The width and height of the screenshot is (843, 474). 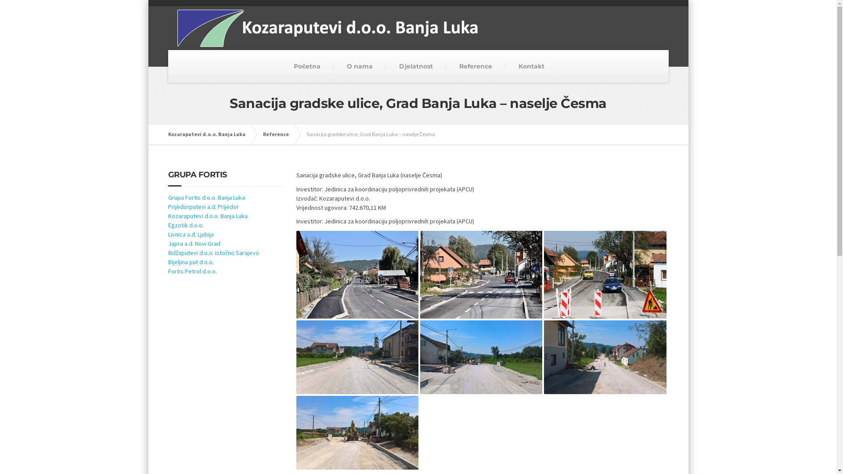 What do you see at coordinates (360, 66) in the screenshot?
I see `'O nama'` at bounding box center [360, 66].